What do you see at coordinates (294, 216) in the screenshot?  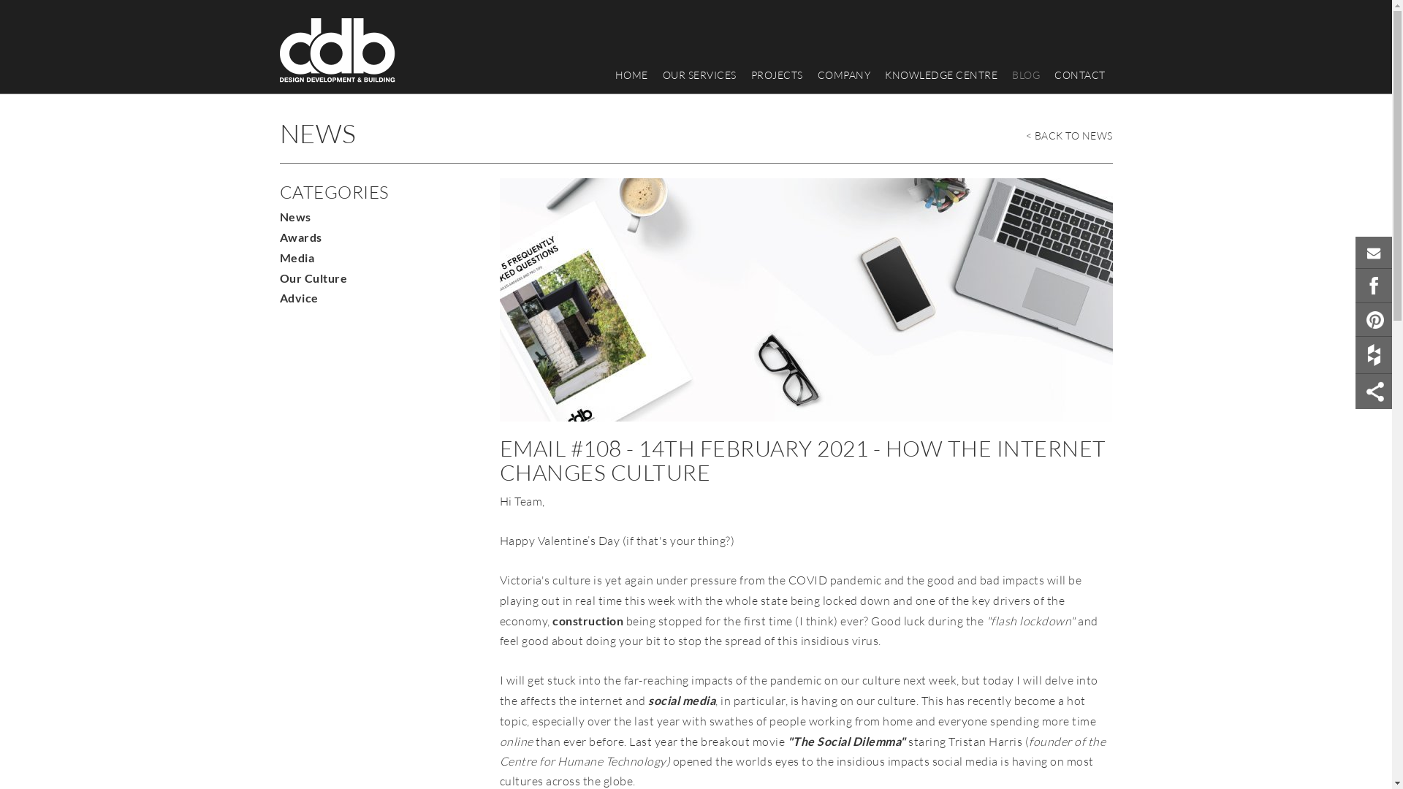 I see `'News'` at bounding box center [294, 216].